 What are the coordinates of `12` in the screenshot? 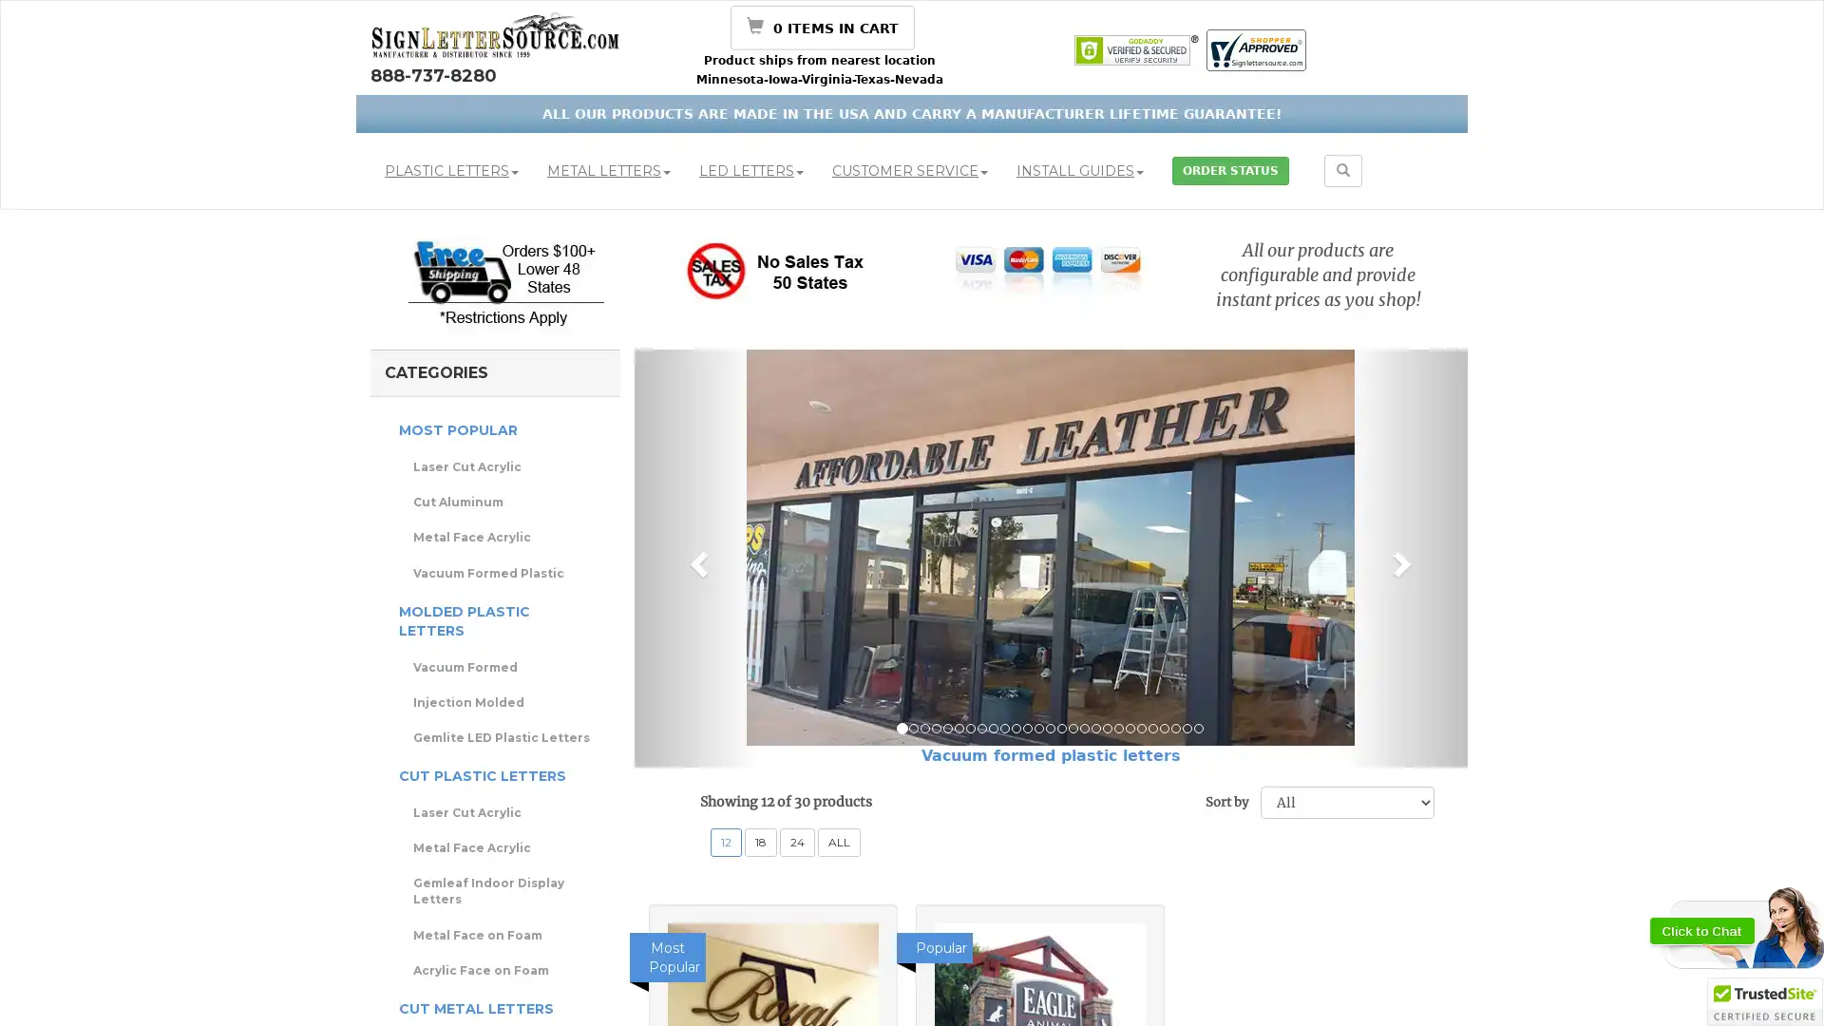 It's located at (725, 842).